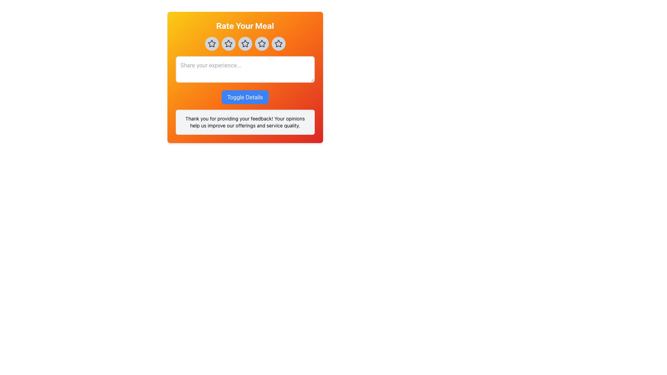 The image size is (667, 375). I want to click on the first circular button with a light gray background and hollow star icon, so click(211, 44).